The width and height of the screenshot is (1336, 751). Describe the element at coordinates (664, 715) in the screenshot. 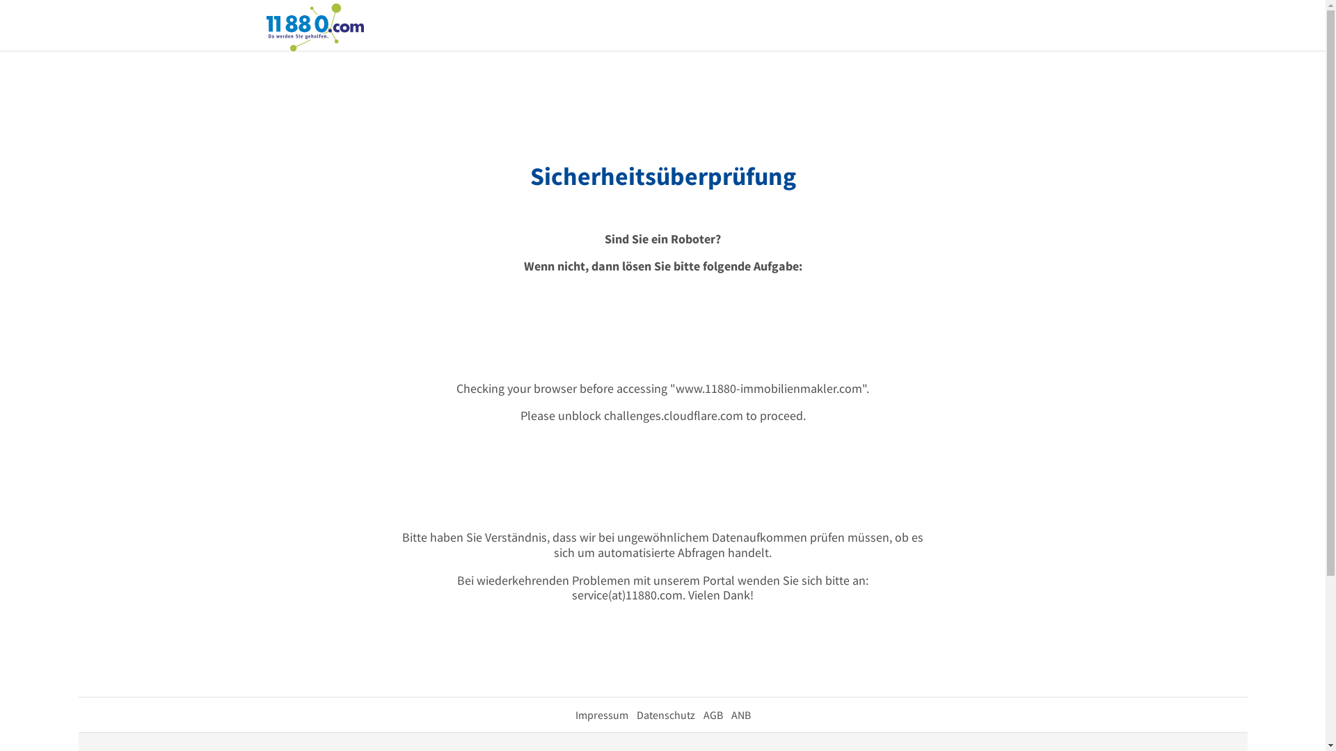

I see `'Datenschutz'` at that location.